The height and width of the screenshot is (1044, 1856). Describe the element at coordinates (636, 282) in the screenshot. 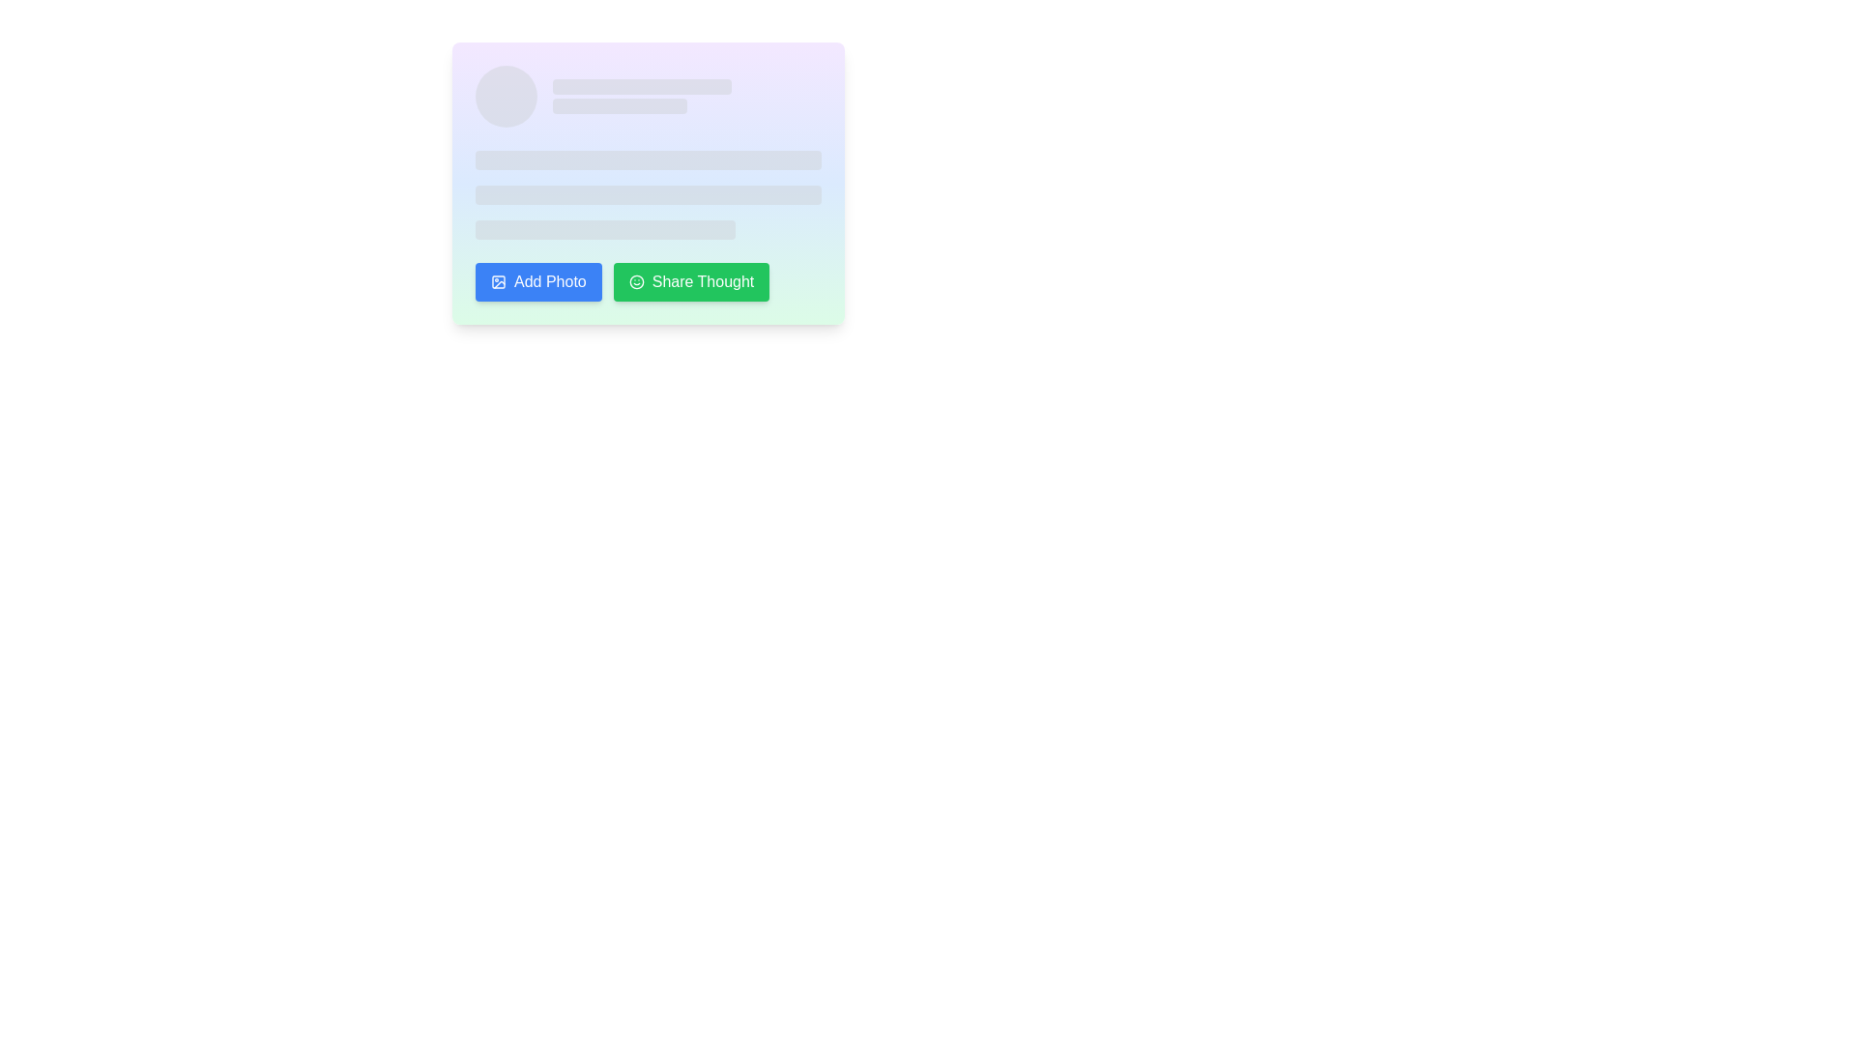

I see `the circular smiley face icon located on the left side of the 'Share Thought' green rectangular button` at that location.